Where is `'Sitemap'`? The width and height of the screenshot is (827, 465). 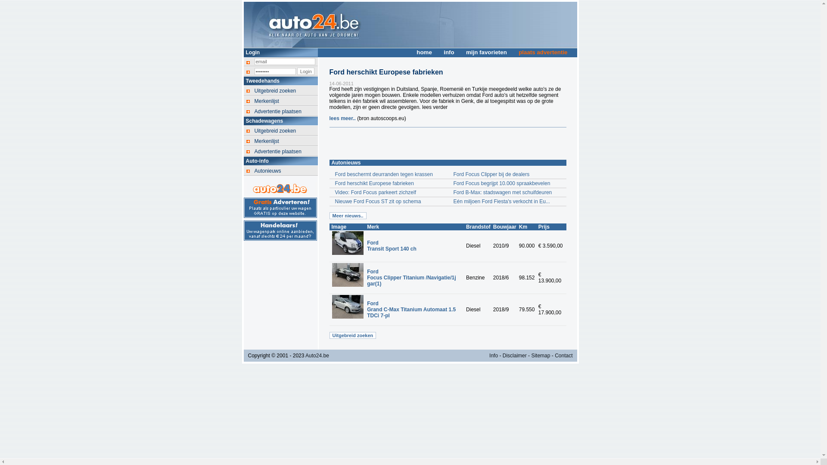
'Sitemap' is located at coordinates (540, 355).